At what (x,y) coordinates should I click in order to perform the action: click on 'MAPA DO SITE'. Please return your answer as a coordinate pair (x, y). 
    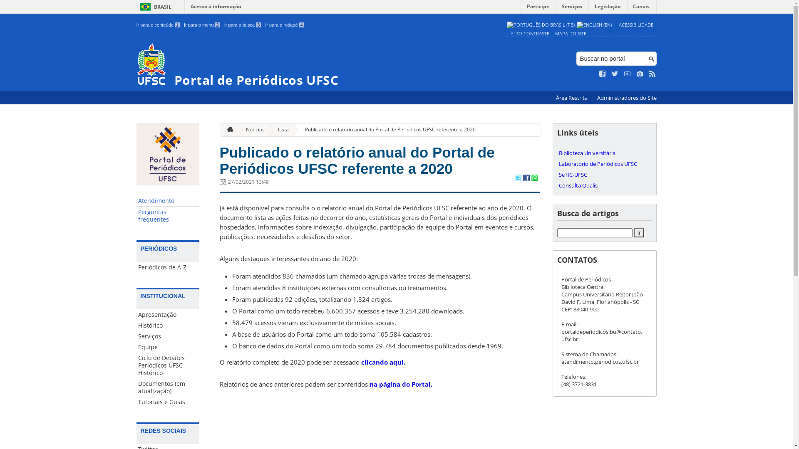
    Looking at the image, I should click on (570, 33).